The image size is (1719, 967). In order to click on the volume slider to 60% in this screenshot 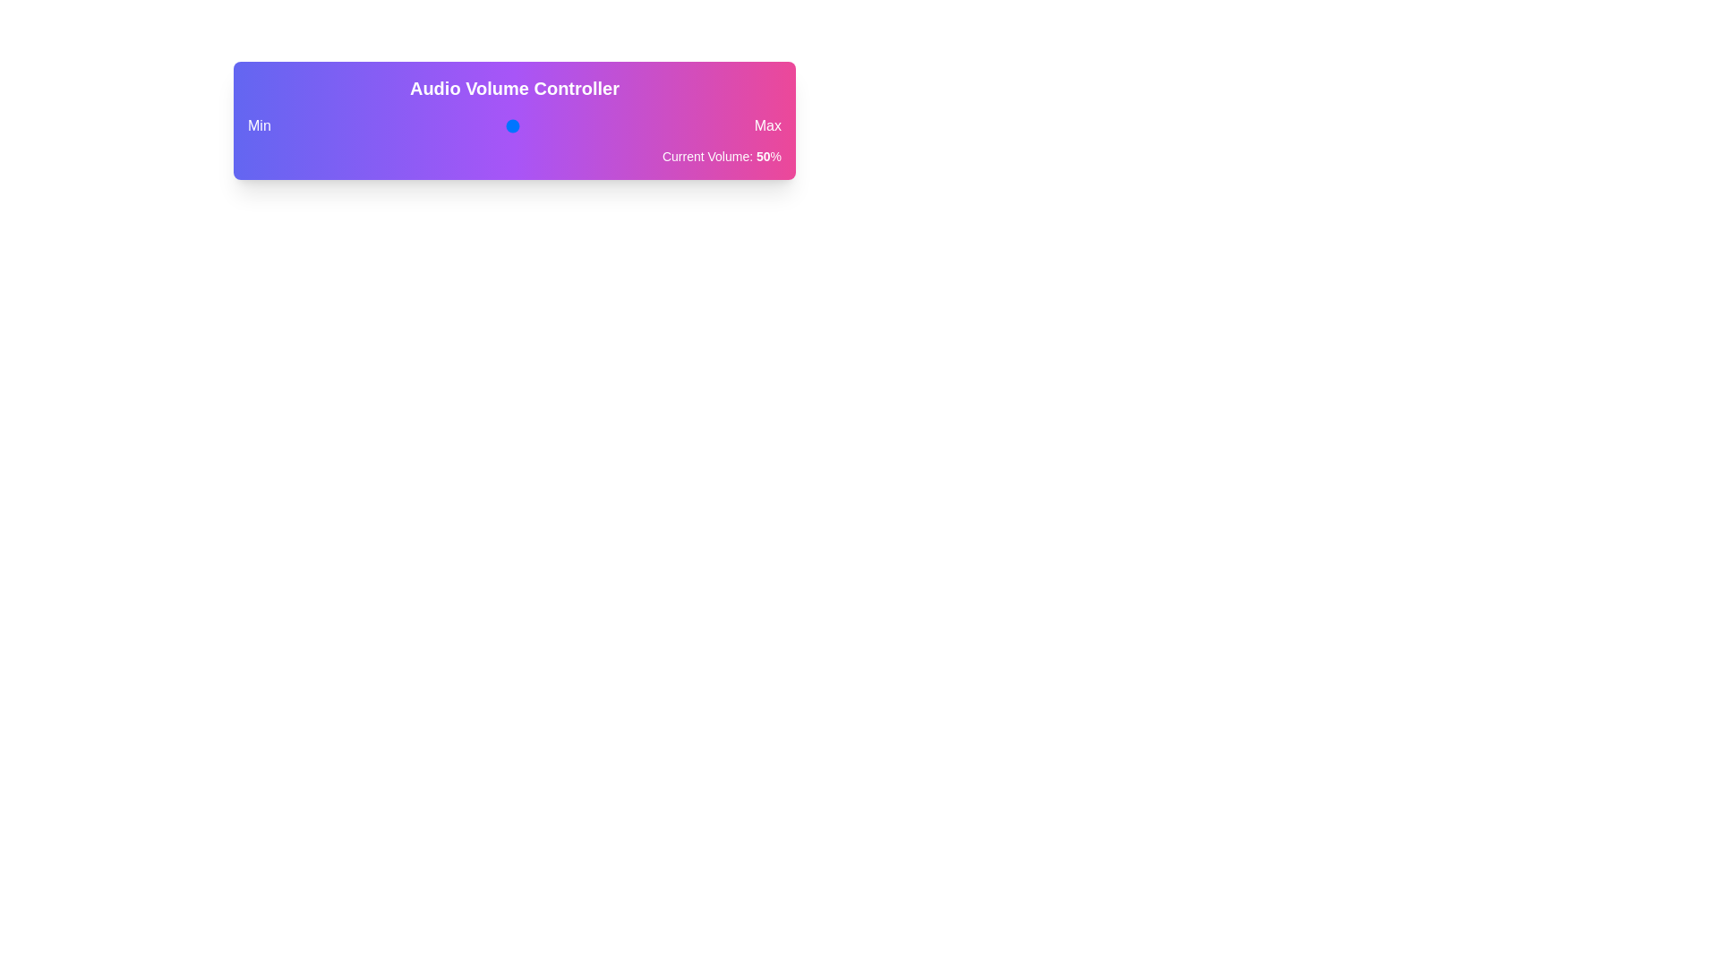, I will do `click(557, 125)`.